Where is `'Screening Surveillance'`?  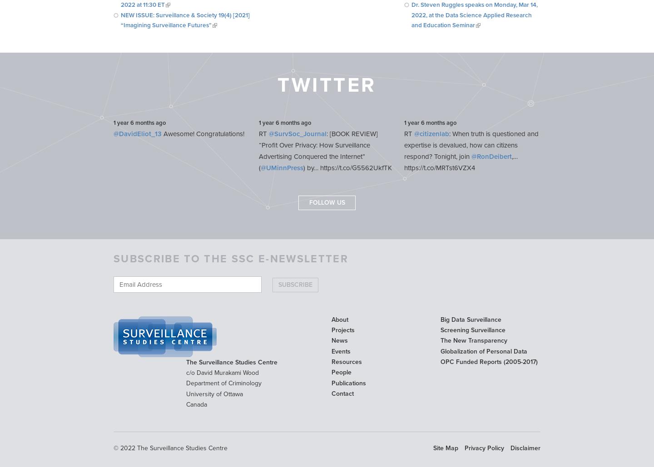 'Screening Surveillance' is located at coordinates (440, 329).